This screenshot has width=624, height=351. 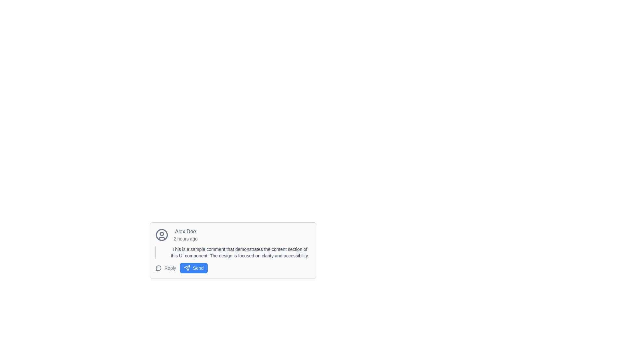 I want to click on the static text label displaying 'Alex Doe' which is styled in gray and positioned in the upper-left corner of the user comment box, aligned with the user avatar, so click(x=185, y=231).